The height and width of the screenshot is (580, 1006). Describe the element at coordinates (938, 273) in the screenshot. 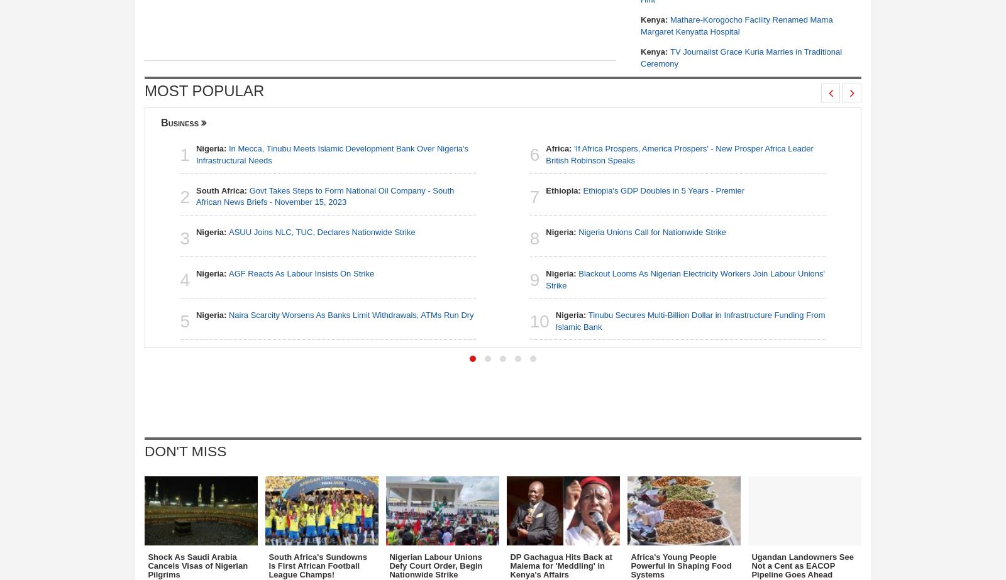

I see `'Madagascar:'` at that location.